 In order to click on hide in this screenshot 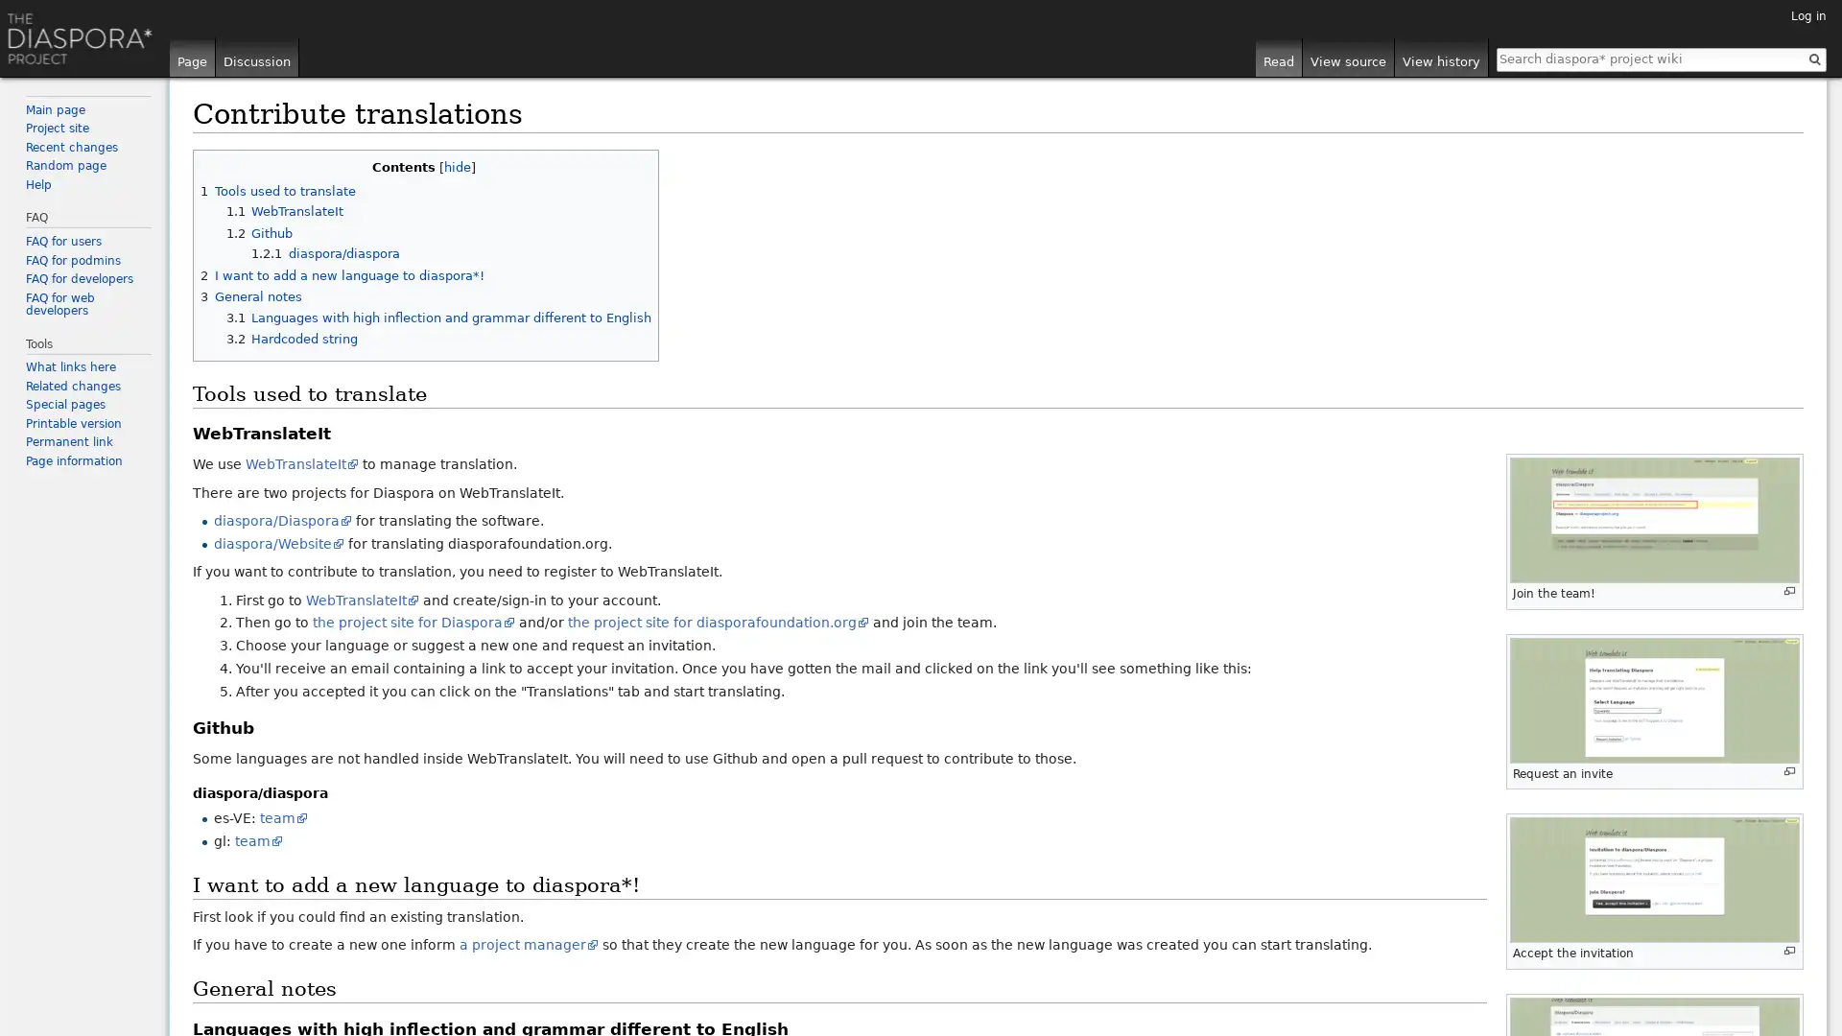, I will do `click(456, 165)`.